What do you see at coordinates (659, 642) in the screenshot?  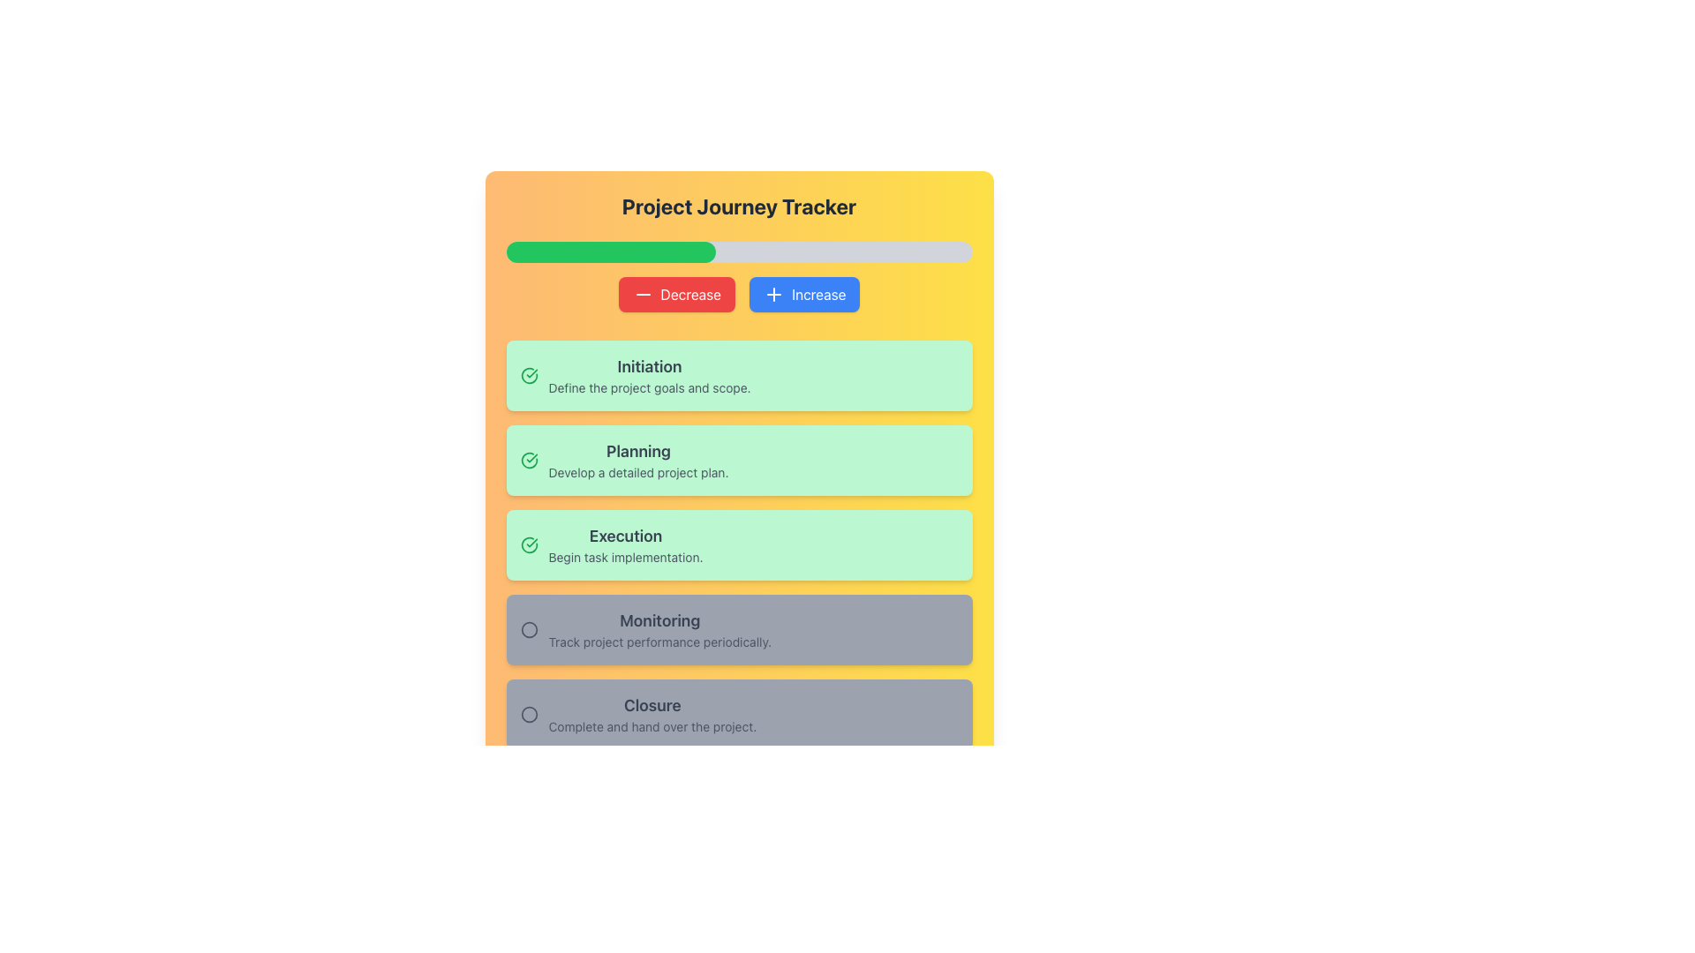 I see `light gray text label displaying 'Track project performance periodically.' located below the title 'Monitoring' in the fourth section of the interface` at bounding box center [659, 642].